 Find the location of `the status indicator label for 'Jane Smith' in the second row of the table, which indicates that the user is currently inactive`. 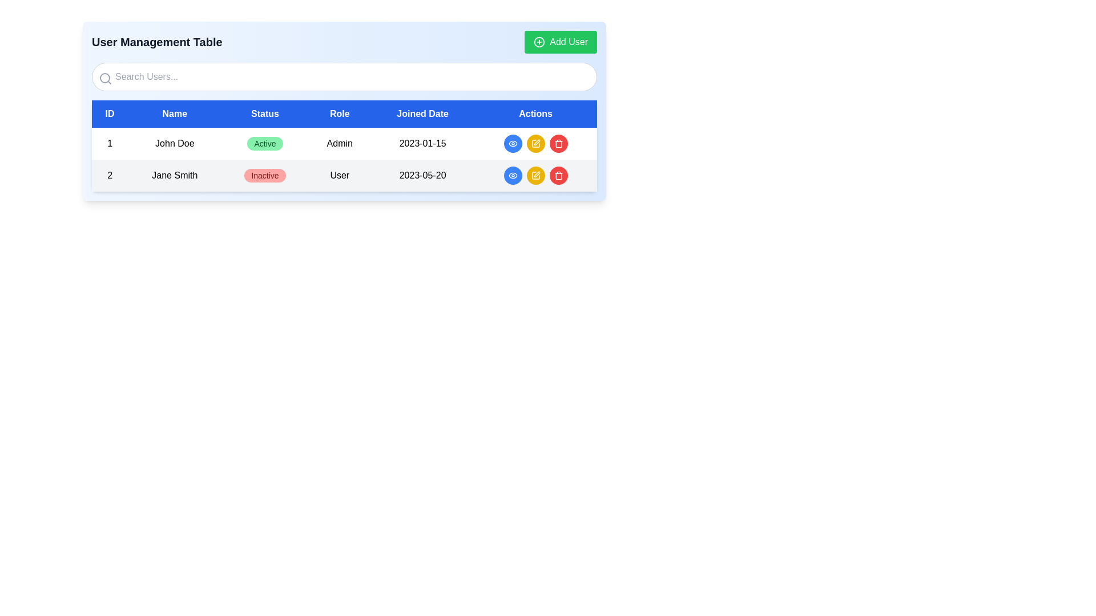

the status indicator label for 'Jane Smith' in the second row of the table, which indicates that the user is currently inactive is located at coordinates (264, 176).